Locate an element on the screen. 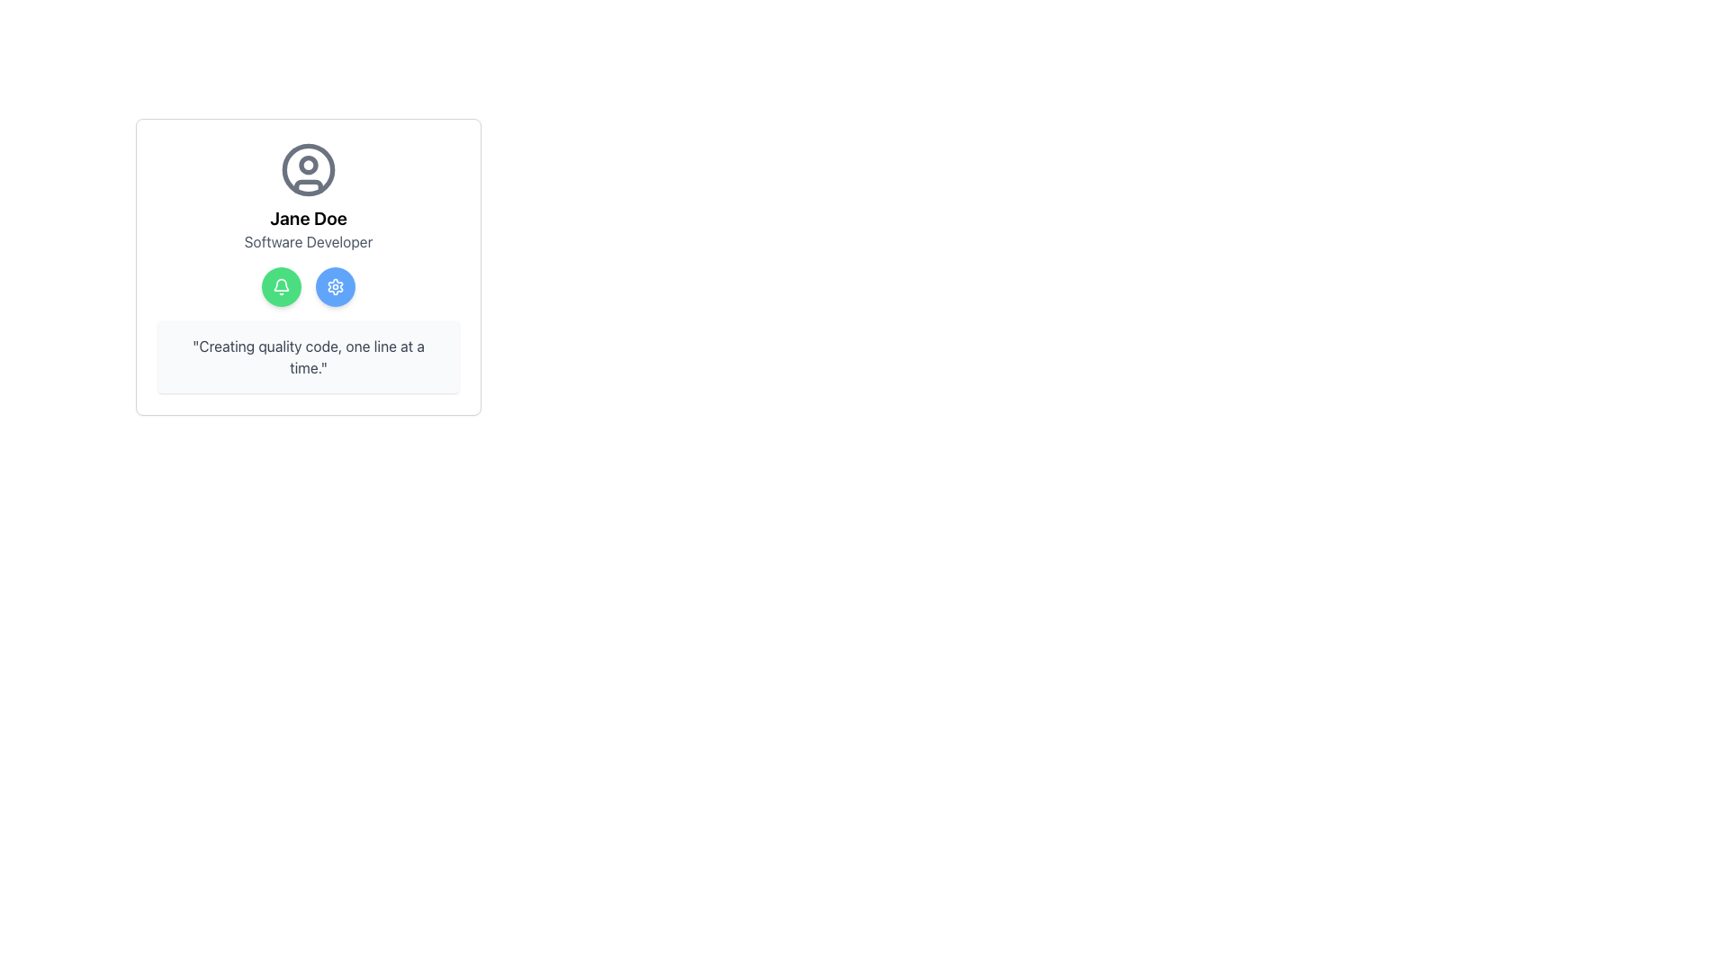 The height and width of the screenshot is (972, 1728). the small grey outlined circle above the lower arc of the user avatar icon is located at coordinates (308, 164).